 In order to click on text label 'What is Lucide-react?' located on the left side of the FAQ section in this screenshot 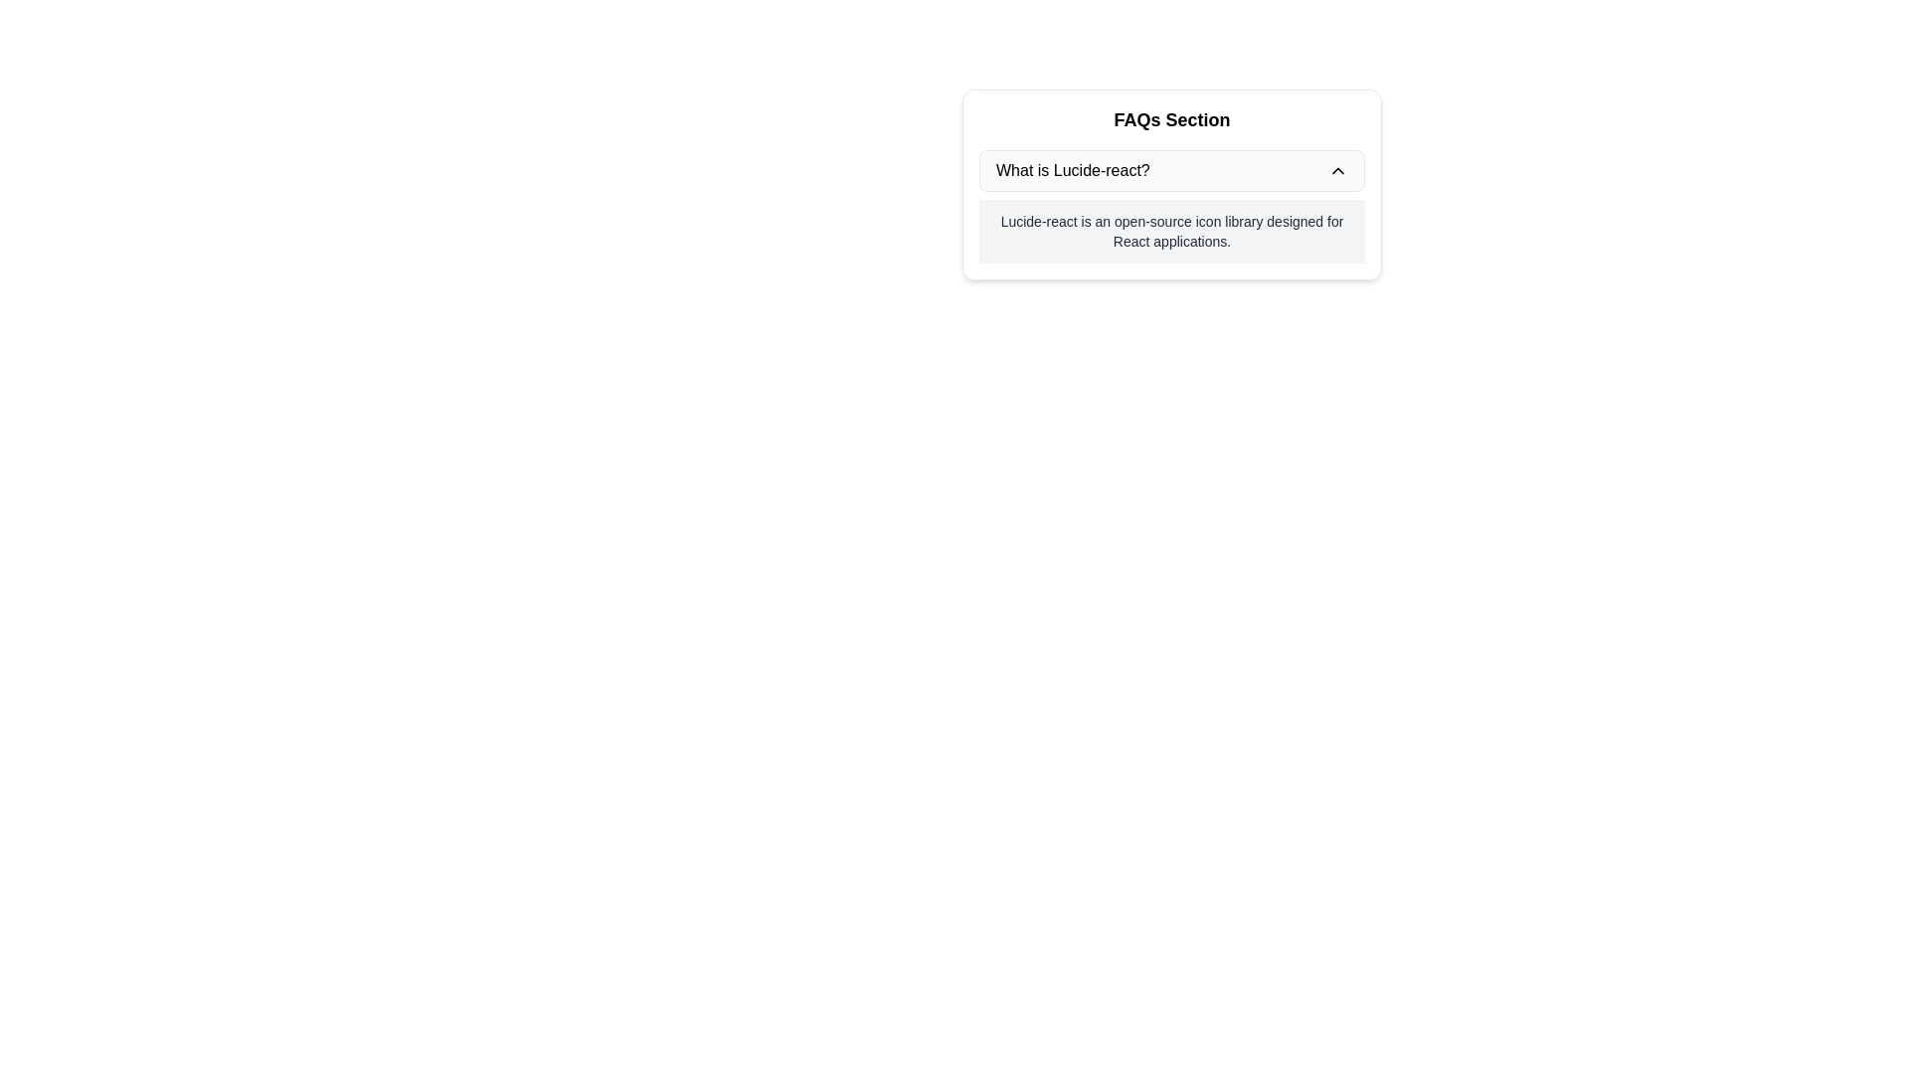, I will do `click(1072, 170)`.